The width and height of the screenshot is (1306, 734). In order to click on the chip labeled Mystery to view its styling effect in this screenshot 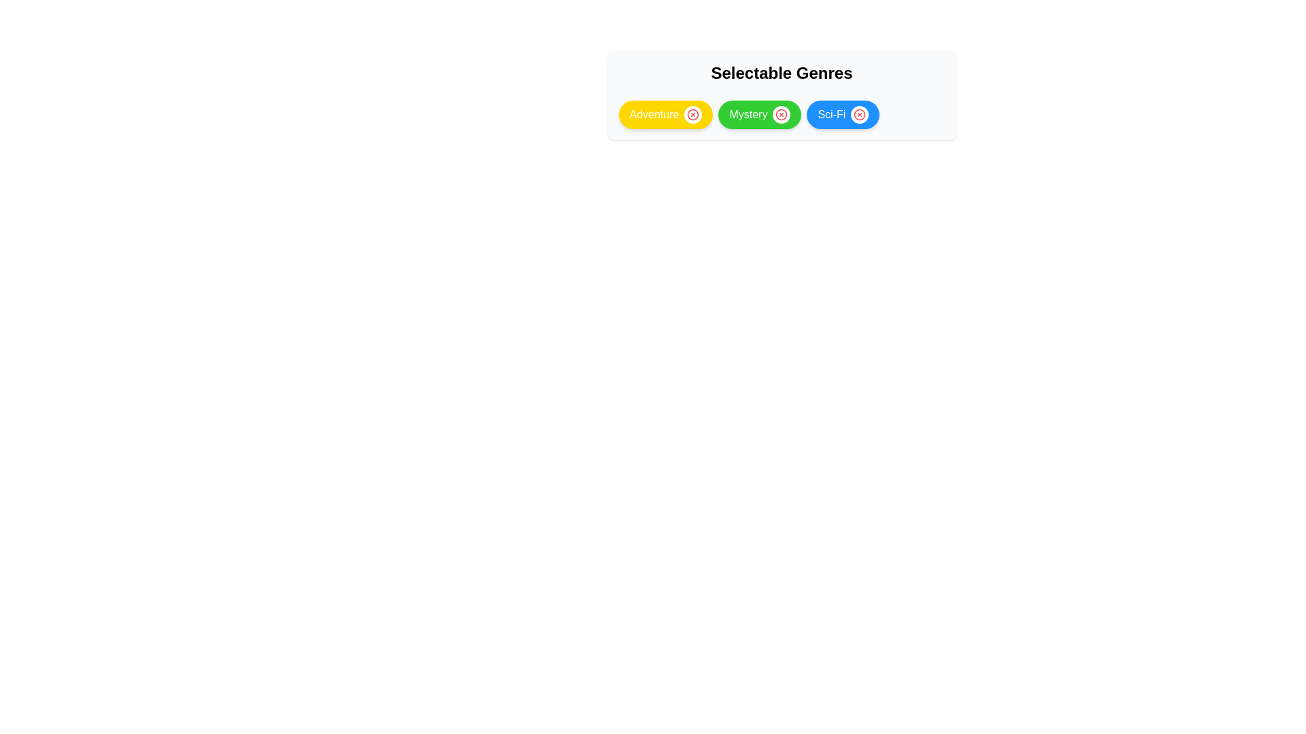, I will do `click(759, 114)`.